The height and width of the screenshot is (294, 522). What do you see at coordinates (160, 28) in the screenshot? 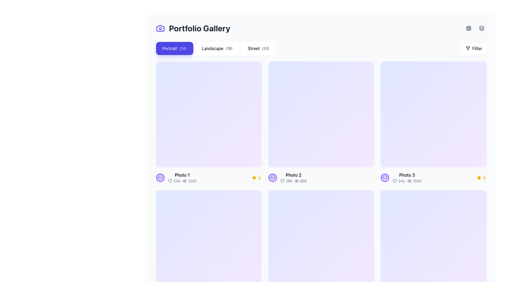
I see `the camera icon component, which is part of a larger camera icon, located near the top-left corner of the interface, styled with a bold blue outline` at bounding box center [160, 28].